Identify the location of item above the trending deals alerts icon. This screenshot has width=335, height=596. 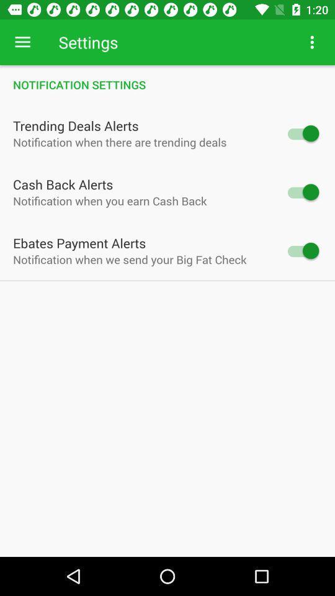
(167, 84).